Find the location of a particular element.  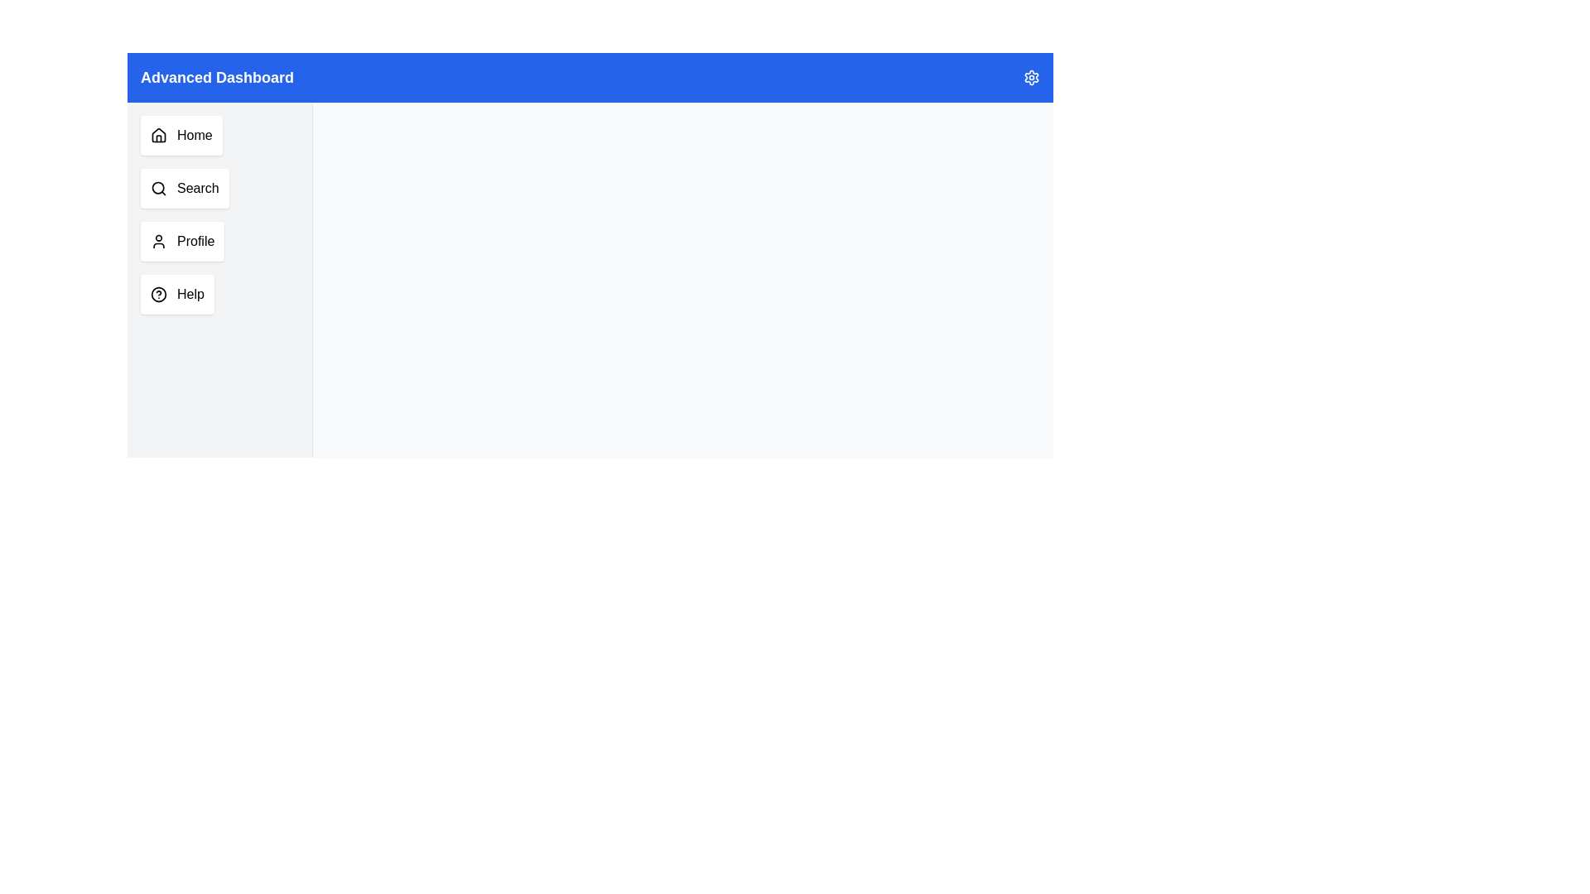

the 'Profile' button located in the left sidebar is located at coordinates (182, 242).